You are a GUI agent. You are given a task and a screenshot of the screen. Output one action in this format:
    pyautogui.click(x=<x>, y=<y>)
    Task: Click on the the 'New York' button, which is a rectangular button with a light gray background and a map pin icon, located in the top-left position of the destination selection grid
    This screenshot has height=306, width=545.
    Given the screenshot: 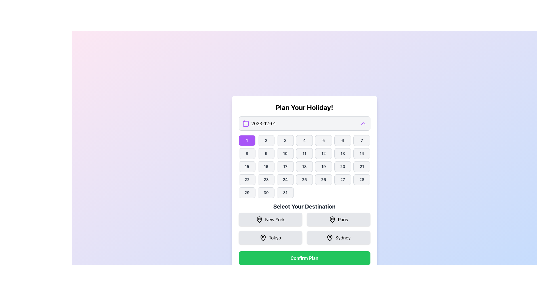 What is the action you would take?
    pyautogui.click(x=270, y=219)
    